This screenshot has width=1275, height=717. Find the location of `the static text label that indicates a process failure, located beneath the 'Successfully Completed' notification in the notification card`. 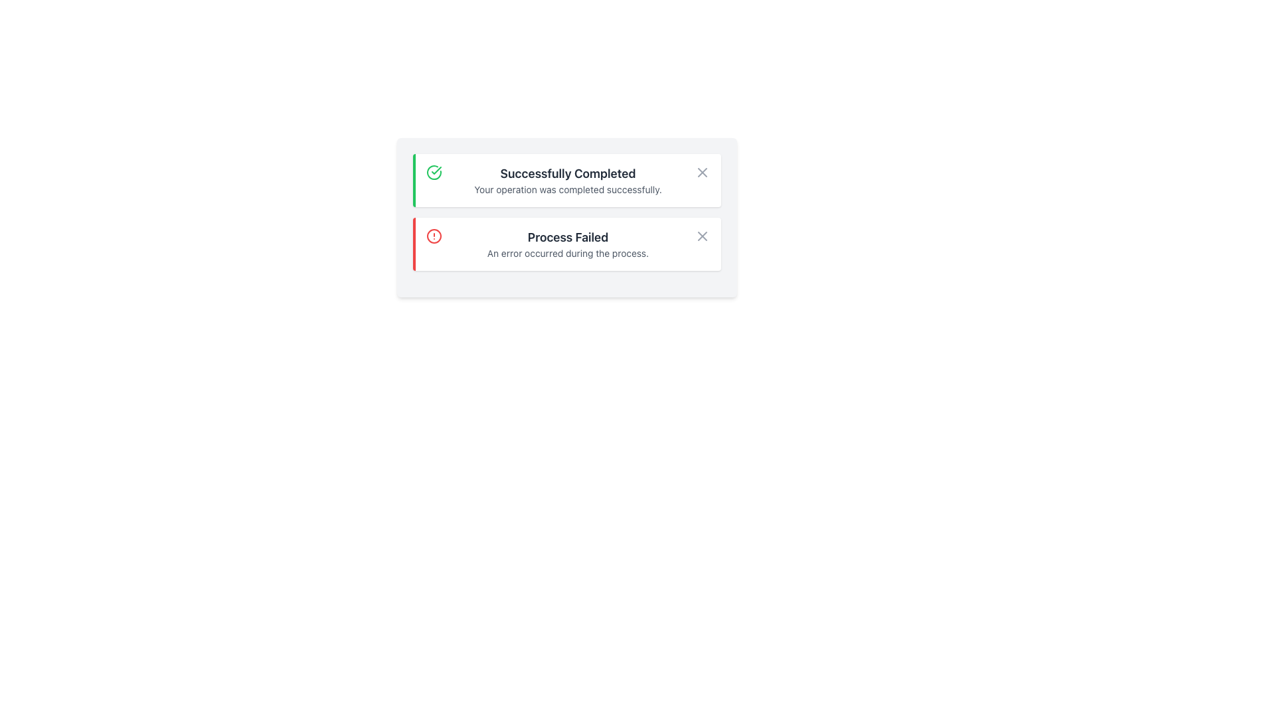

the static text label that indicates a process failure, located beneath the 'Successfully Completed' notification in the notification card is located at coordinates (568, 237).